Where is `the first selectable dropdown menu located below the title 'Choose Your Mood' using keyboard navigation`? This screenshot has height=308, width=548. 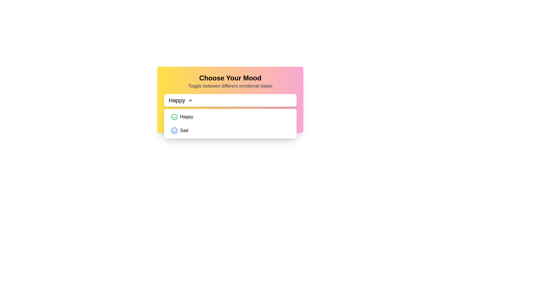 the first selectable dropdown menu located below the title 'Choose Your Mood' using keyboard navigation is located at coordinates (230, 100).